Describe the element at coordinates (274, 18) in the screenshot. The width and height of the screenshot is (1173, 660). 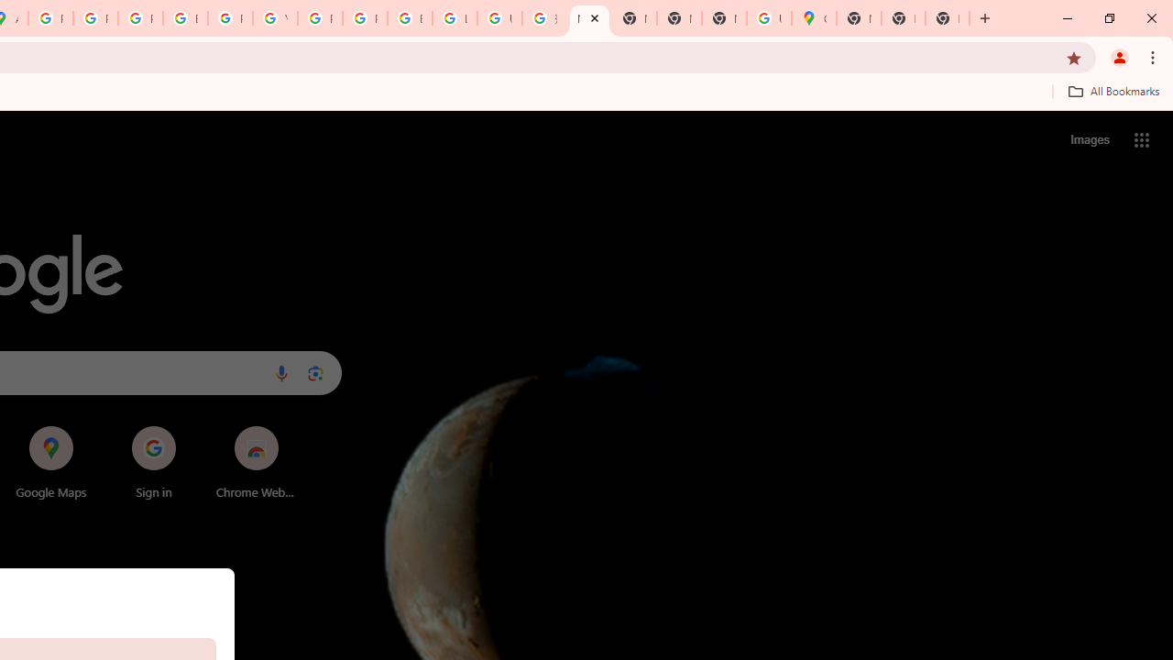
I see `'YouTube'` at that location.